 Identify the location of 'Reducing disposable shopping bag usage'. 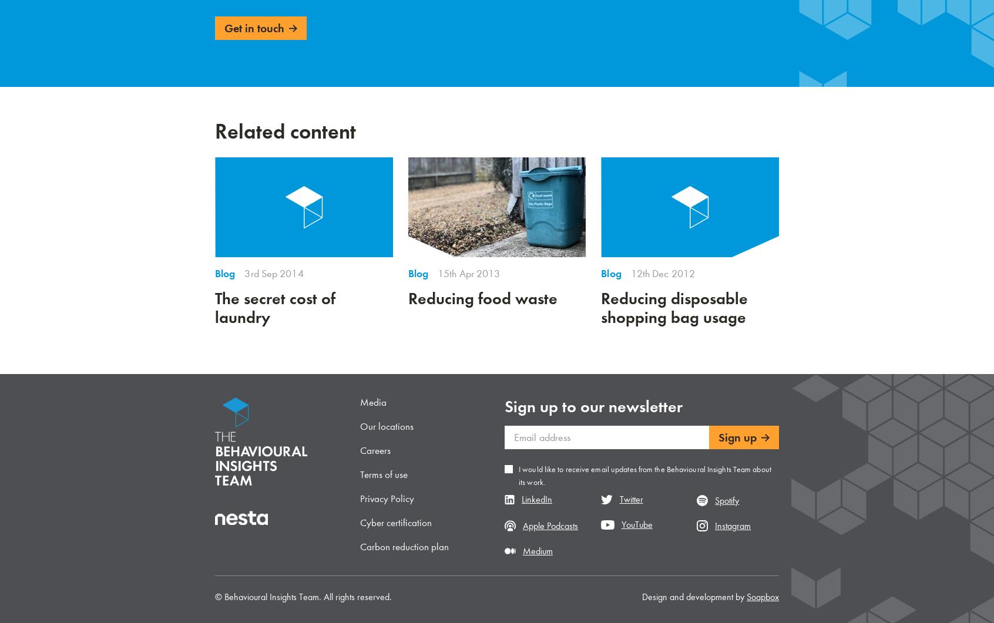
(600, 308).